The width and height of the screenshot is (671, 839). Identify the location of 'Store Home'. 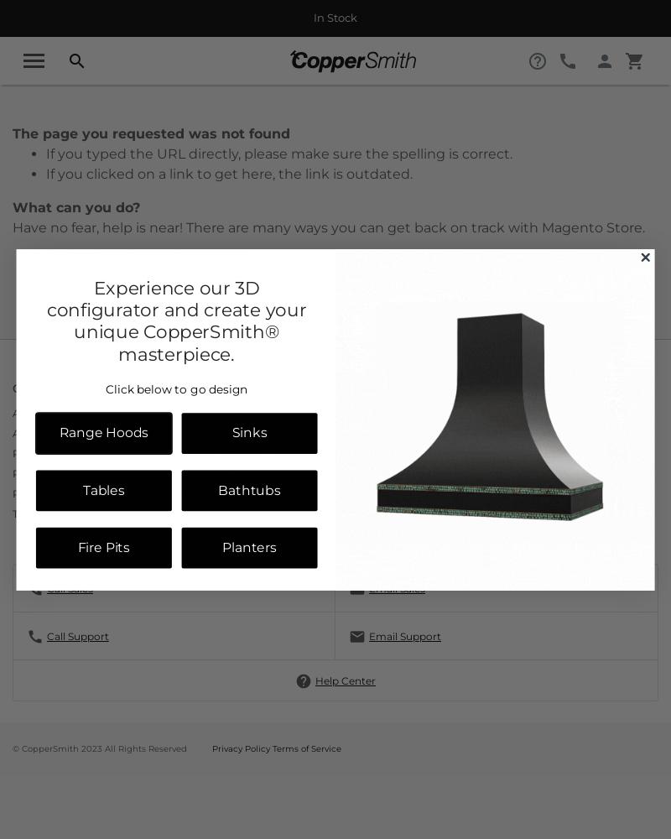
(86, 315).